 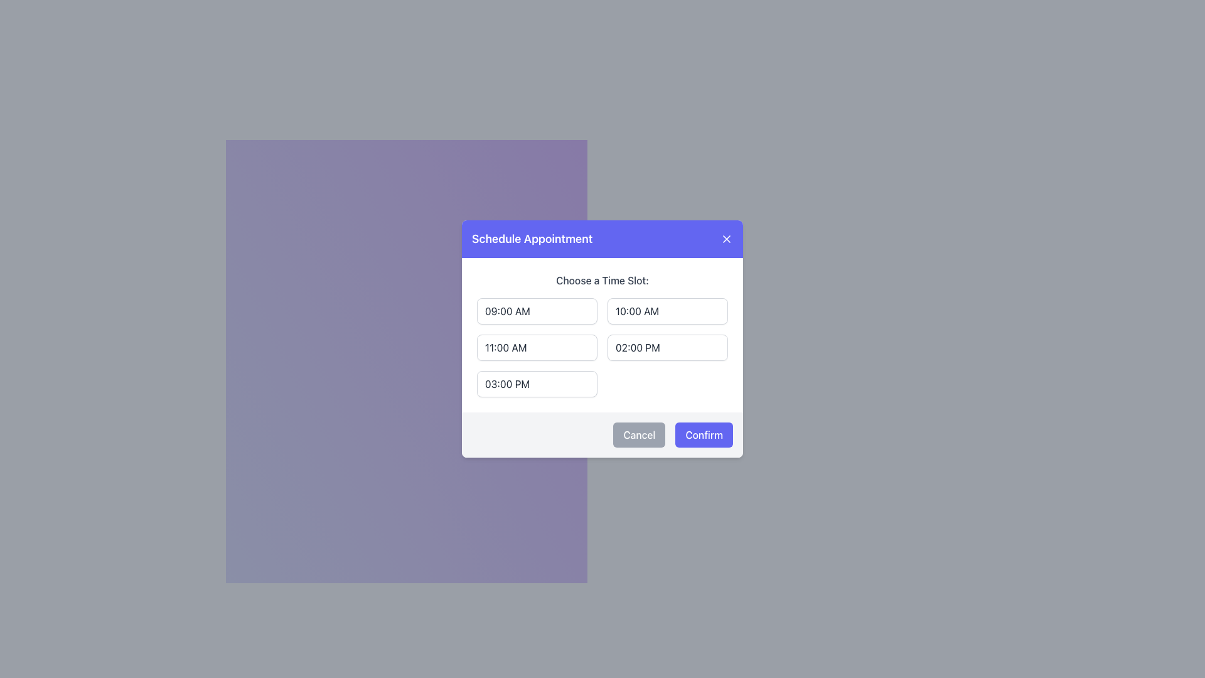 What do you see at coordinates (537, 384) in the screenshot?
I see `the button for selecting the '03:00 PM' time slot located in the bottom-left corner of the time slot grid in the 'Schedule Appointment' dialog box` at bounding box center [537, 384].